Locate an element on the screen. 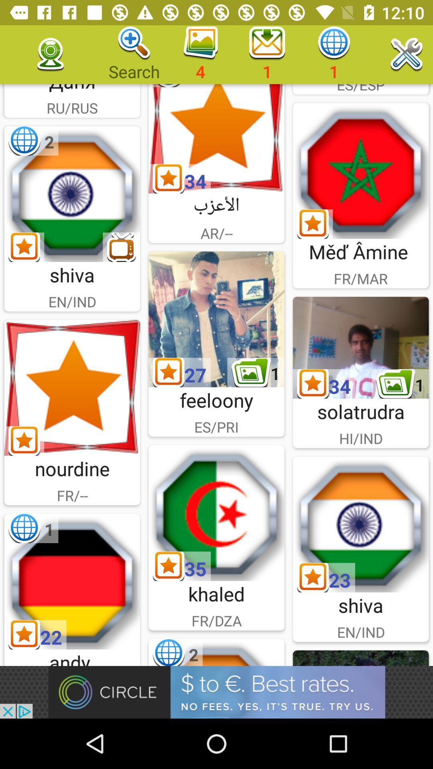  feeloony profile is located at coordinates (216, 319).